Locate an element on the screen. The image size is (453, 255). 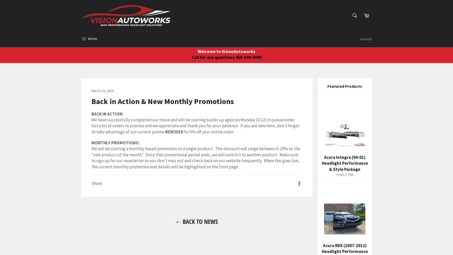
'Menu' is located at coordinates (92, 39).